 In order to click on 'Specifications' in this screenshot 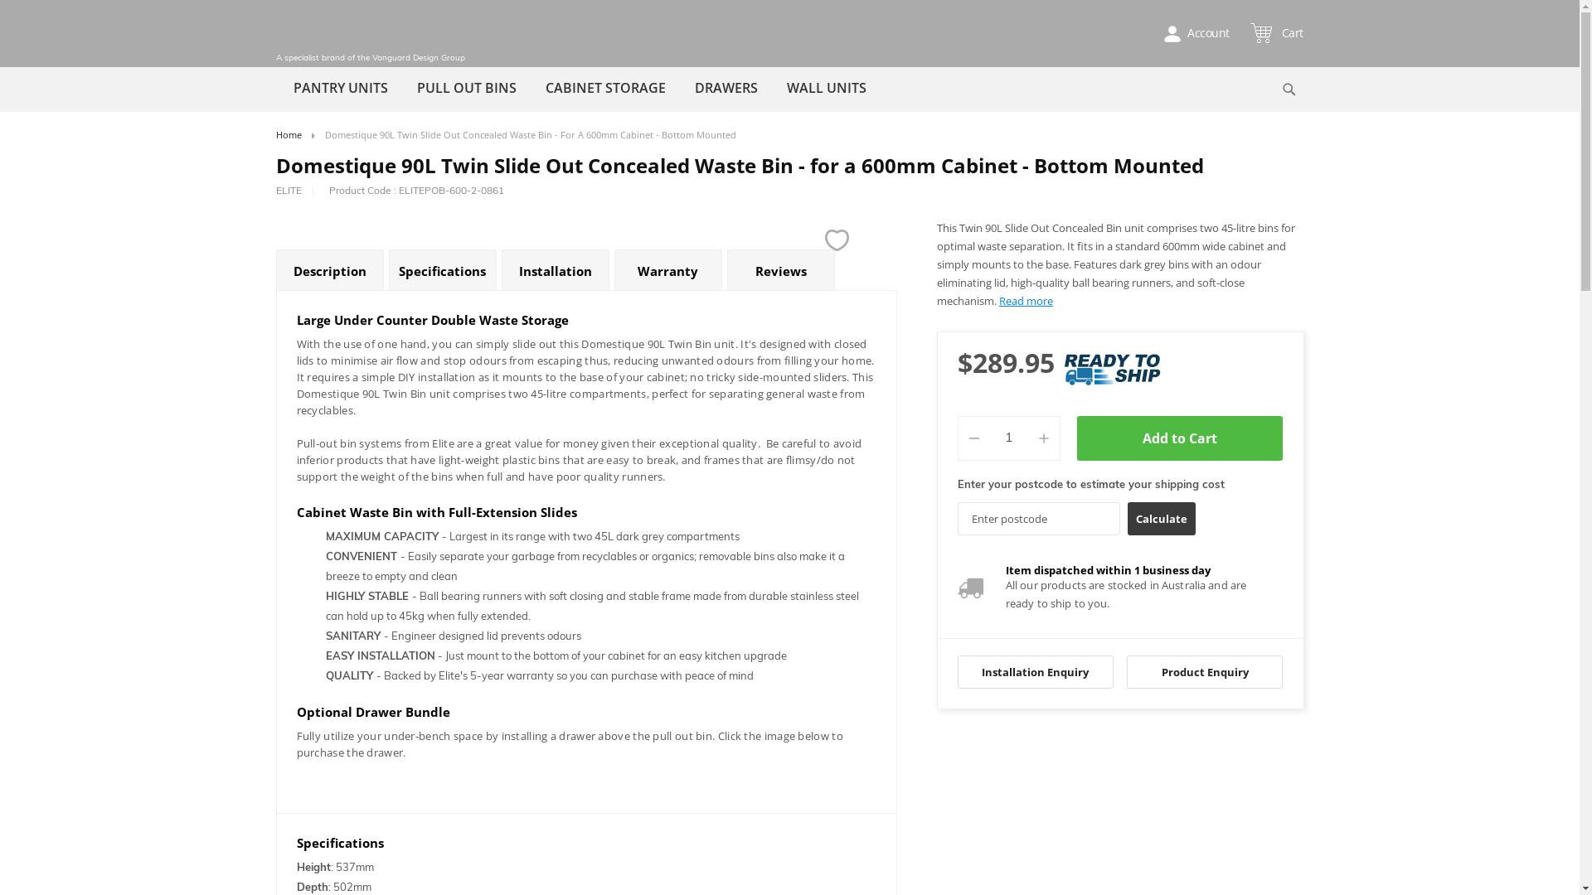, I will do `click(441, 269)`.